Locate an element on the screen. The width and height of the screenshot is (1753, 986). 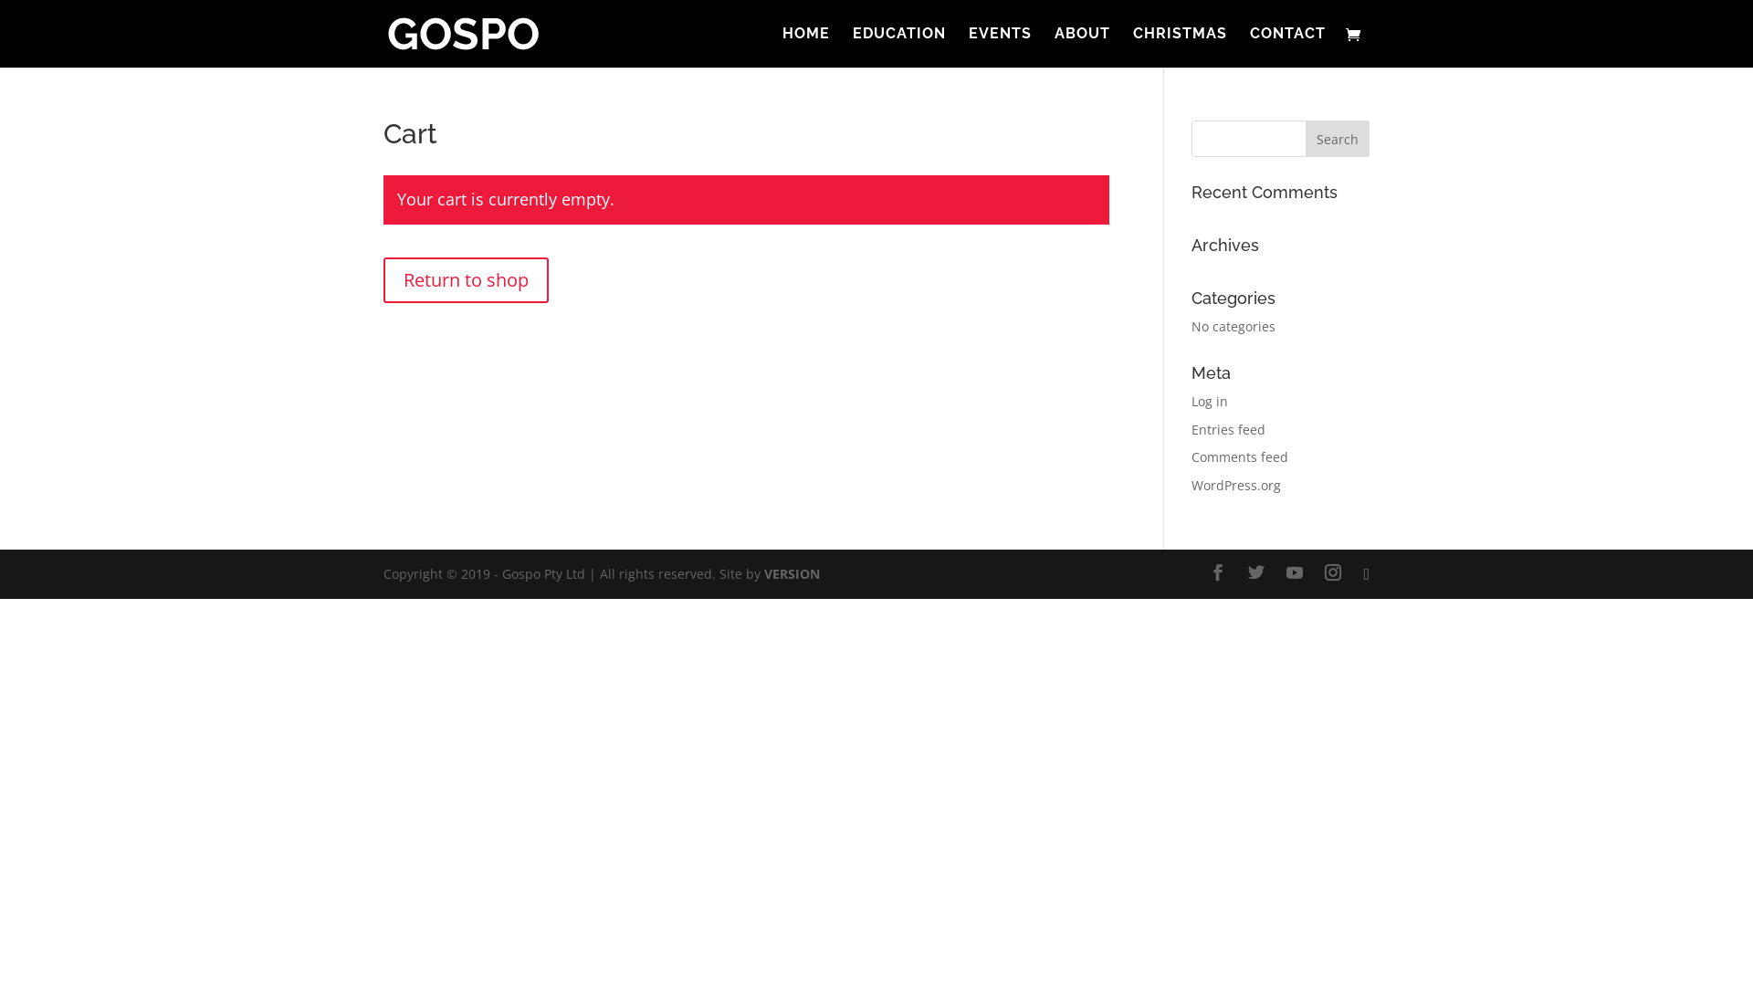
'VERSION' is located at coordinates (792, 572).